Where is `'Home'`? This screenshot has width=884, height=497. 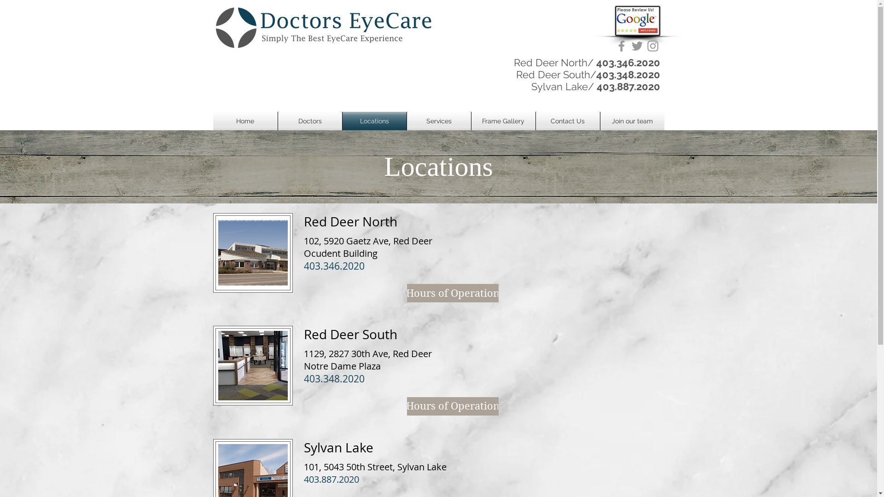 'Home' is located at coordinates (212, 120).